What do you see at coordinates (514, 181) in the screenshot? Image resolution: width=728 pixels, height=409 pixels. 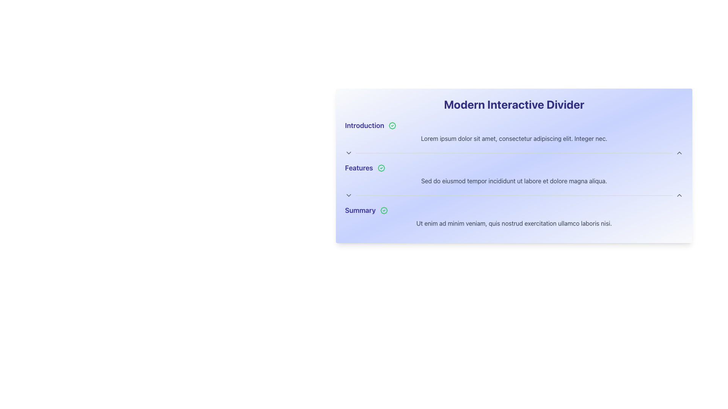 I see `the text block that reads 'Sed do eiusmod tempor incididunt ut labore et dolore magna aliqua,' which is styled in gray and located within the collapsible 'Features' section` at bounding box center [514, 181].